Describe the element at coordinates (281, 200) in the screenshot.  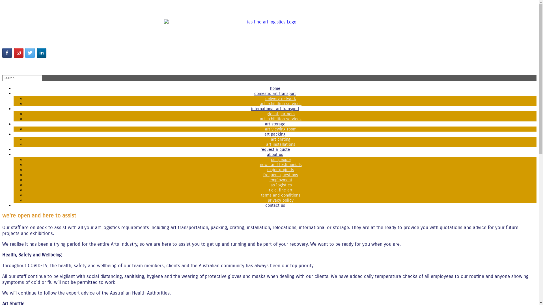
I see `'privacy policy'` at that location.